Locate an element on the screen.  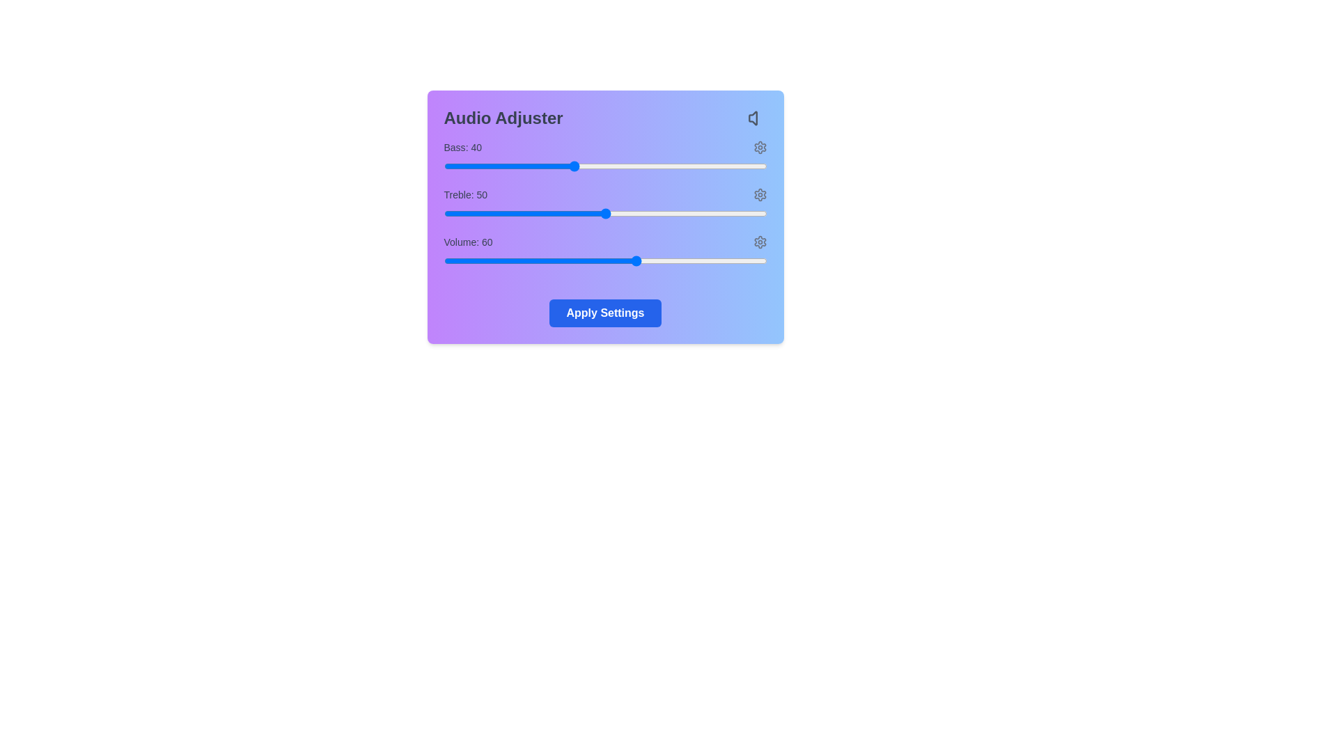
the treble level is located at coordinates (689, 214).